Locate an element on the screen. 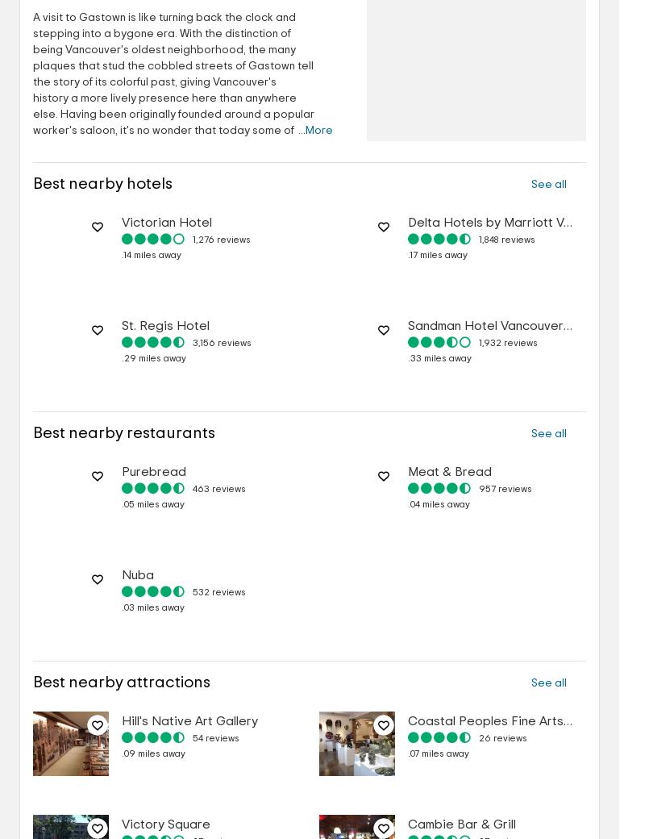  '532 reviews' is located at coordinates (219, 592).